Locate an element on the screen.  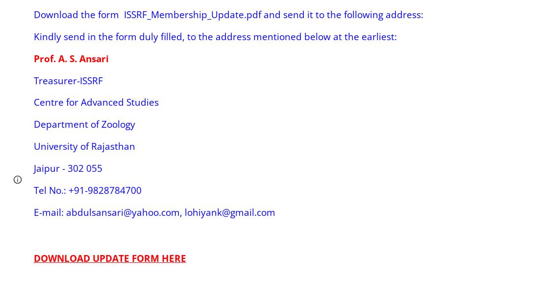
'Centre for Advanced Studies' is located at coordinates (95, 101).